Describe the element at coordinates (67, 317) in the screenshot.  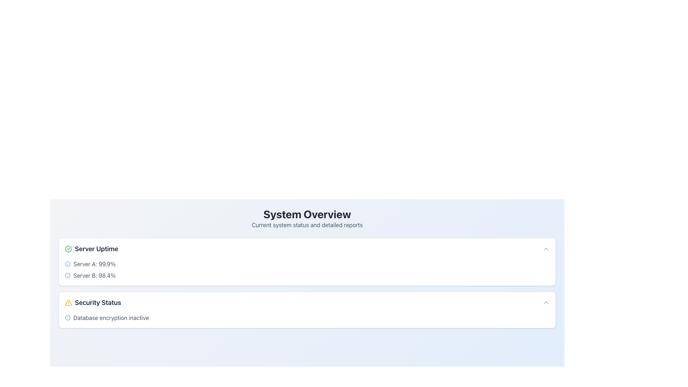
I see `the blue circular icon containing an information symbol, located next to the text 'Database encryption inactive' in the 'Security Status' section` at that location.